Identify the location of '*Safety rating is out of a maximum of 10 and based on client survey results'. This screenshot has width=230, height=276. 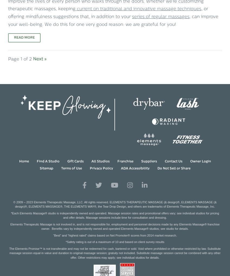
(115, 242).